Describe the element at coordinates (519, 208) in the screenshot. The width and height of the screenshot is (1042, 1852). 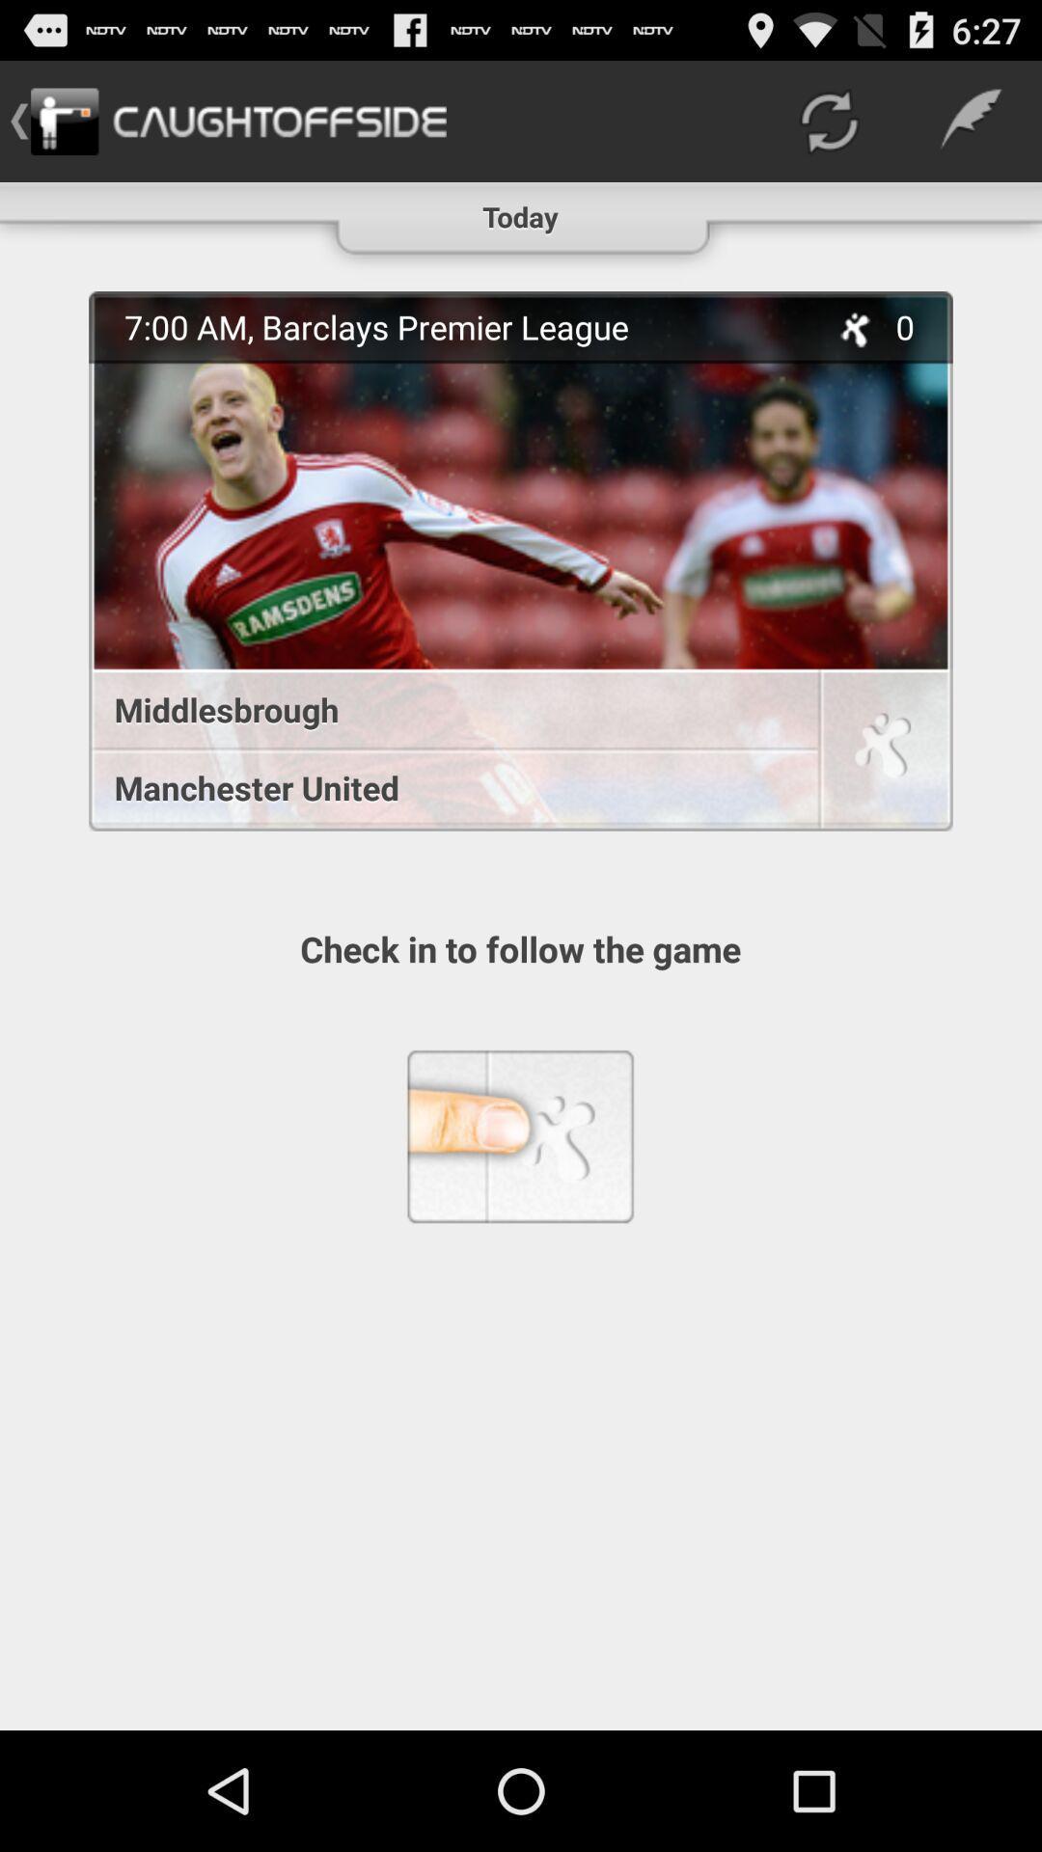
I see `today app` at that location.